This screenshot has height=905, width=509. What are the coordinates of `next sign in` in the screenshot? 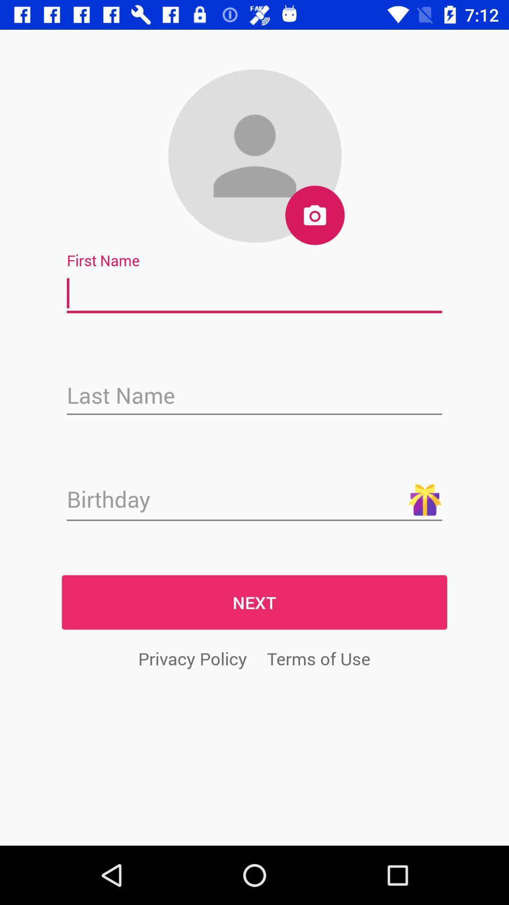 It's located at (254, 500).